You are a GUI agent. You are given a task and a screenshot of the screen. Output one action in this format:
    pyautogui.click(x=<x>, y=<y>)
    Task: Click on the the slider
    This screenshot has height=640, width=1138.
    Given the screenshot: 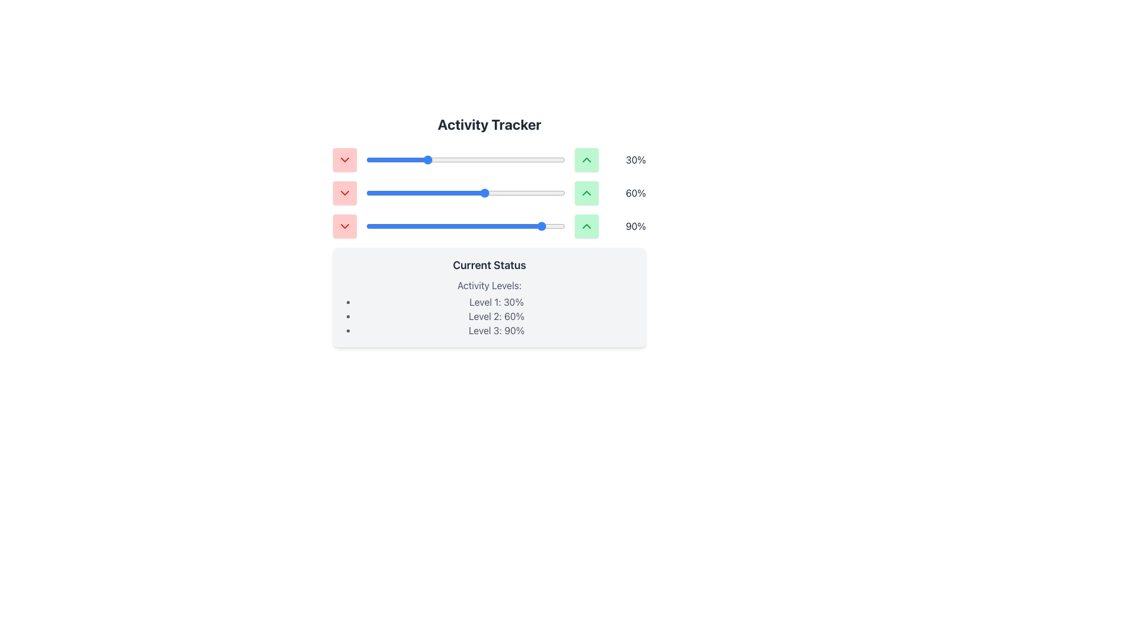 What is the action you would take?
    pyautogui.click(x=496, y=226)
    